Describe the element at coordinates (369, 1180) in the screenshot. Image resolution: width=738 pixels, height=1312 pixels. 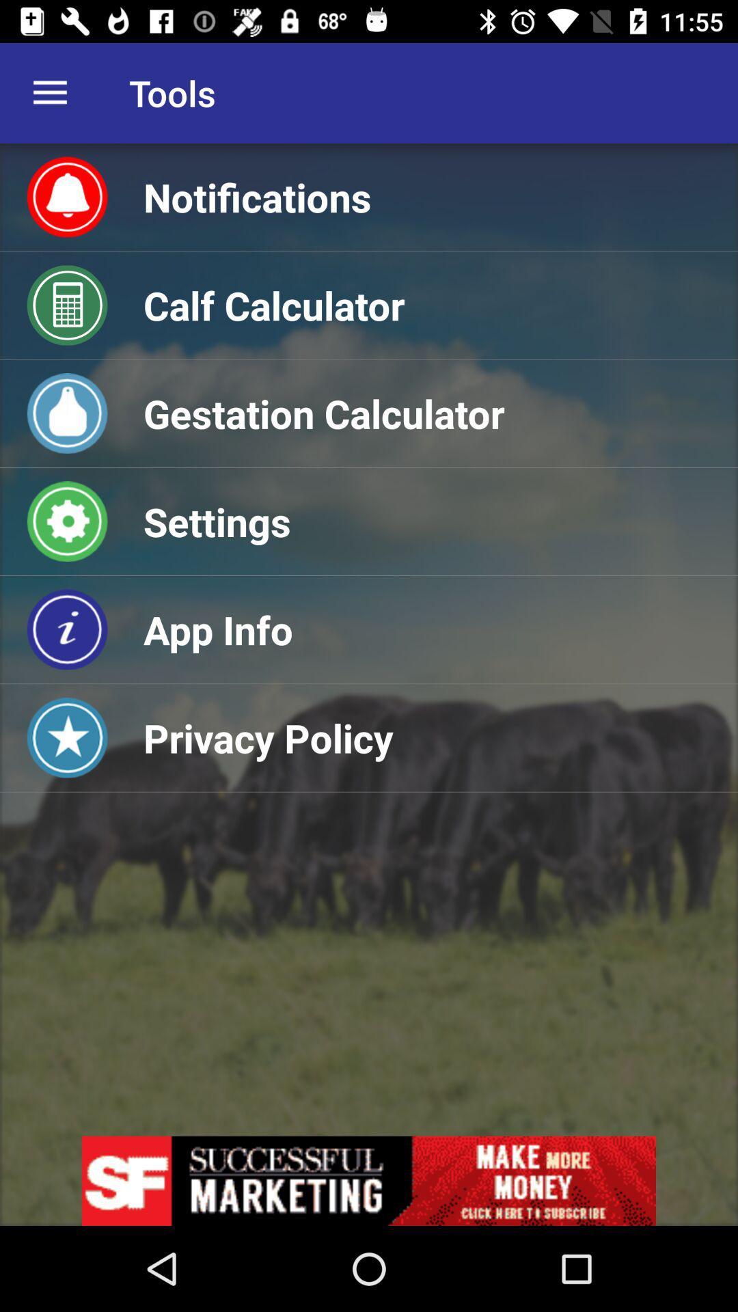
I see `advertisement link` at that location.